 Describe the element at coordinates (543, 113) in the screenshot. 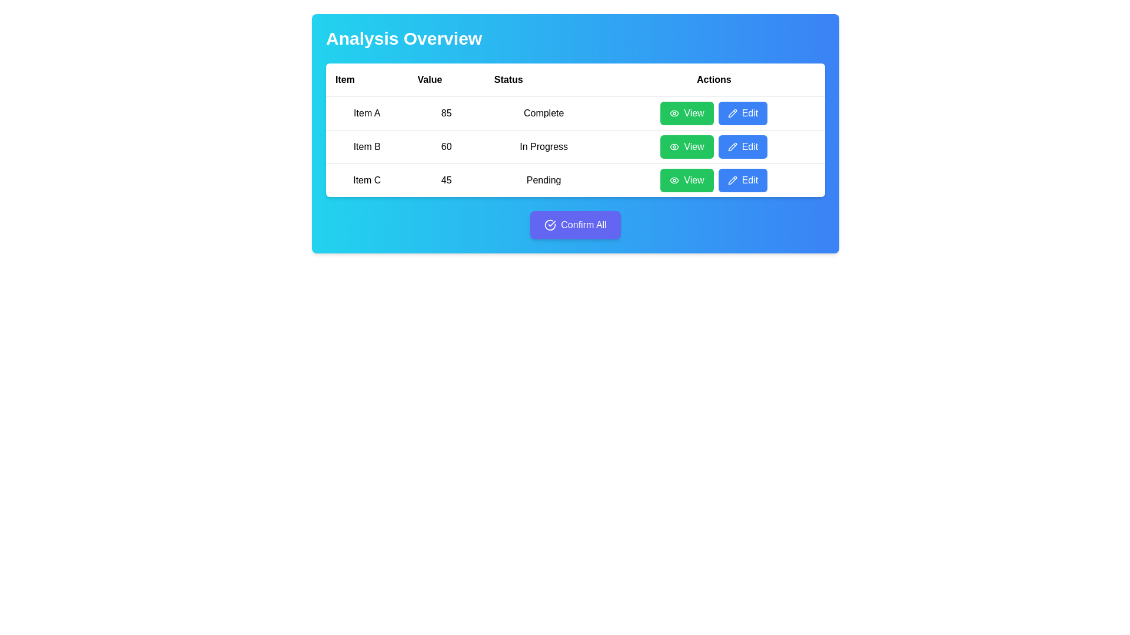

I see `the table cell displaying the text 'Complete' in the 'Status' column for 'Item A'` at that location.